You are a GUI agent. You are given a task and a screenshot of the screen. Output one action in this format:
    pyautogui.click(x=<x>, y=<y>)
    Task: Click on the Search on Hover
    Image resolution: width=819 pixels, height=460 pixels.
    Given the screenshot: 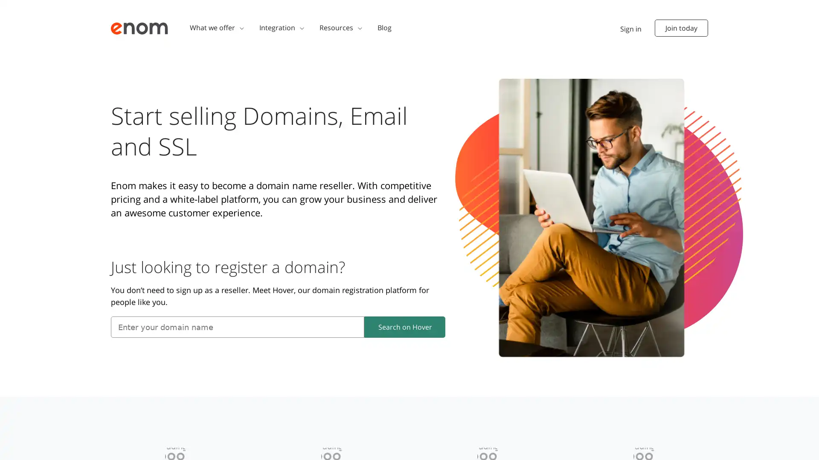 What is the action you would take?
    pyautogui.click(x=404, y=326)
    